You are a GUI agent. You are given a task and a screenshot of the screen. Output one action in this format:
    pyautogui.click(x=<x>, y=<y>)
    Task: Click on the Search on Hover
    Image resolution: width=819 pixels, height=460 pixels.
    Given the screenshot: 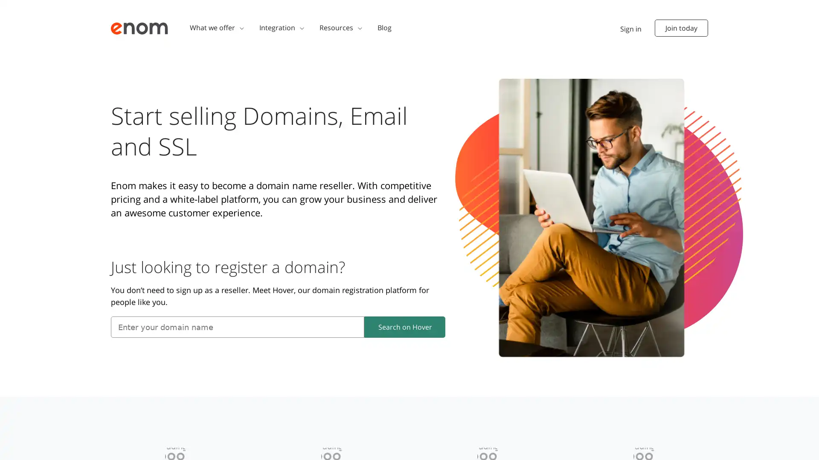 What is the action you would take?
    pyautogui.click(x=404, y=326)
    